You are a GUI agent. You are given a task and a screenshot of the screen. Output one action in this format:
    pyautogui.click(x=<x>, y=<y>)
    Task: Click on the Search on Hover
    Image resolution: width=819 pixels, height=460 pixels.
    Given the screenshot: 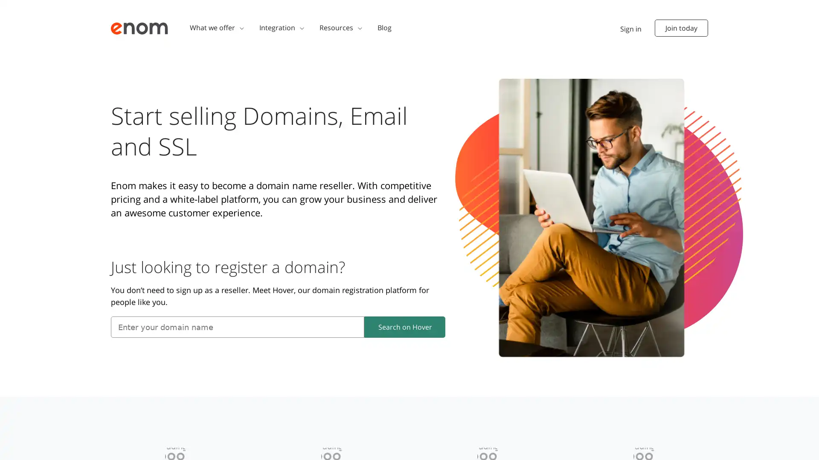 What is the action you would take?
    pyautogui.click(x=404, y=326)
    